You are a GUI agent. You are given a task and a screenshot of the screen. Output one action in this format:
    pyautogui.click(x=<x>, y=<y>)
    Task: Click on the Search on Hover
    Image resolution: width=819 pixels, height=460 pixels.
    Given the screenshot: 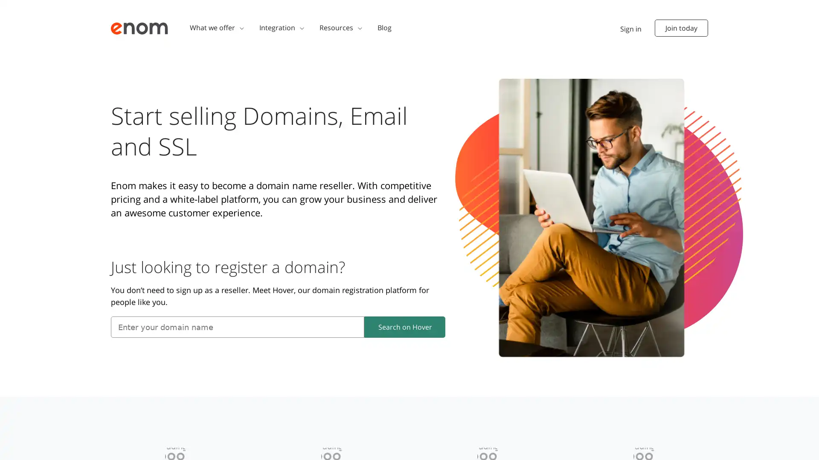 What is the action you would take?
    pyautogui.click(x=404, y=326)
    